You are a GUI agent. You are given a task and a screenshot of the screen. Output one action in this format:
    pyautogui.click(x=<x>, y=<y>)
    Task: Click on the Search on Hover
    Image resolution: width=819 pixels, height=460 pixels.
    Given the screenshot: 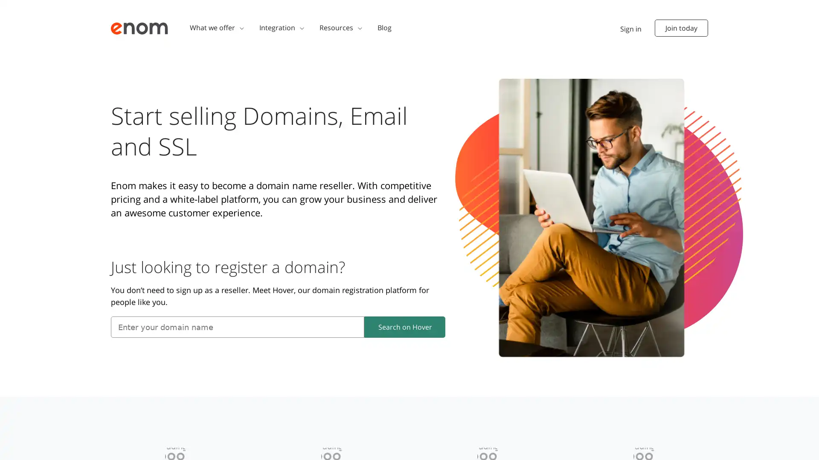 What is the action you would take?
    pyautogui.click(x=404, y=326)
    